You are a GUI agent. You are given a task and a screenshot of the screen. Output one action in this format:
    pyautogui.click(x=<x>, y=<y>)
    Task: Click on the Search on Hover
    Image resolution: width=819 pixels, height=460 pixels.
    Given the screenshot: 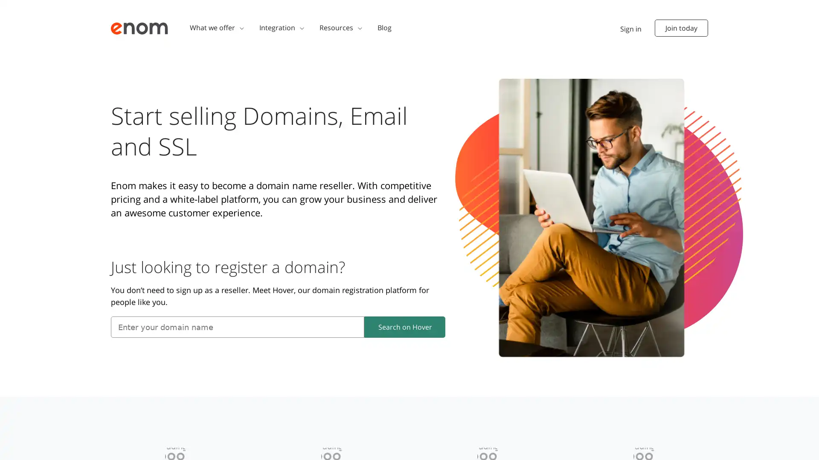 What is the action you would take?
    pyautogui.click(x=404, y=326)
    